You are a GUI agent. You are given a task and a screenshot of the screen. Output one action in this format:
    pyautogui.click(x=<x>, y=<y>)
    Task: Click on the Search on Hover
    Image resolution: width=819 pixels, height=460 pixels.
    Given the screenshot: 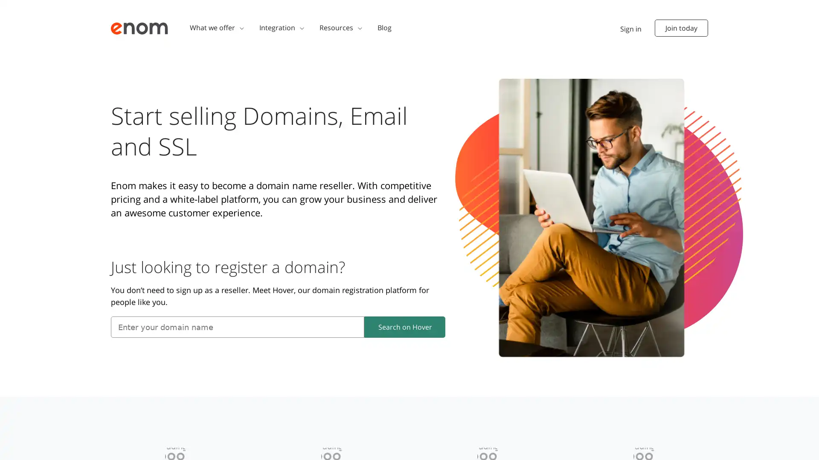 What is the action you would take?
    pyautogui.click(x=404, y=326)
    